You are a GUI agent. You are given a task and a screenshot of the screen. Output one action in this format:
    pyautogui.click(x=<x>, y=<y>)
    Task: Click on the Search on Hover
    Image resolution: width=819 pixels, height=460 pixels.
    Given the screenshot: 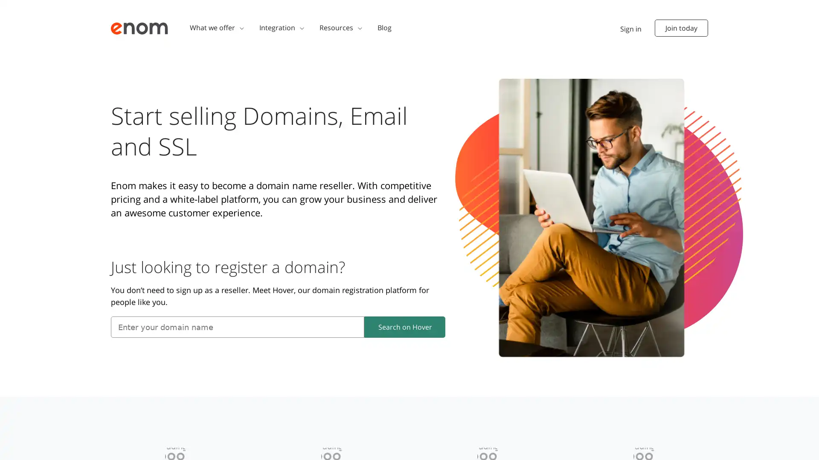 What is the action you would take?
    pyautogui.click(x=404, y=326)
    